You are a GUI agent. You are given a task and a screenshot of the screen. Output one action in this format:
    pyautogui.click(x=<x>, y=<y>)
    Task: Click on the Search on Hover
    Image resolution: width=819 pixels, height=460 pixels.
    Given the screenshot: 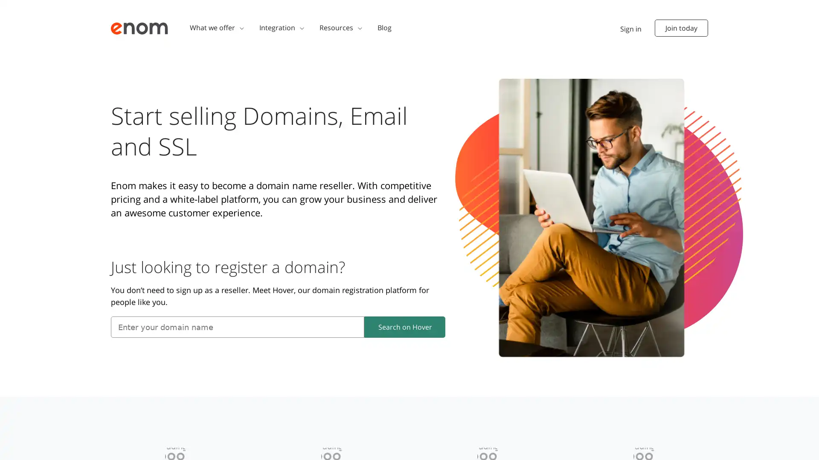 What is the action you would take?
    pyautogui.click(x=404, y=326)
    